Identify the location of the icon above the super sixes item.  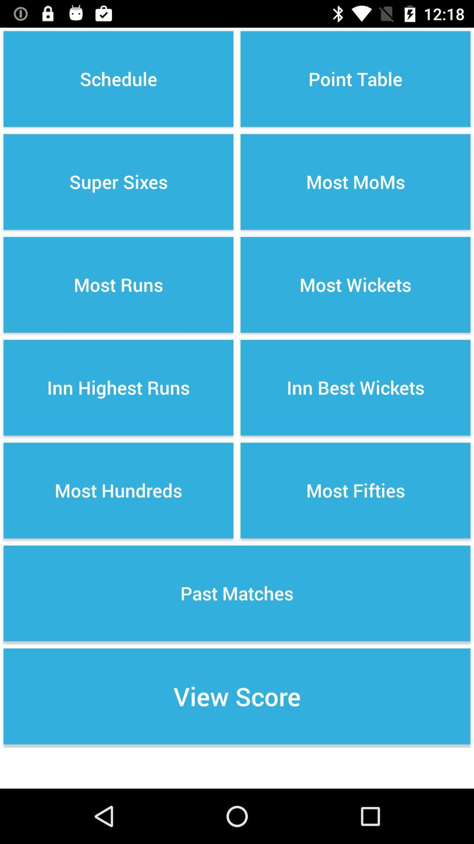
(118, 79).